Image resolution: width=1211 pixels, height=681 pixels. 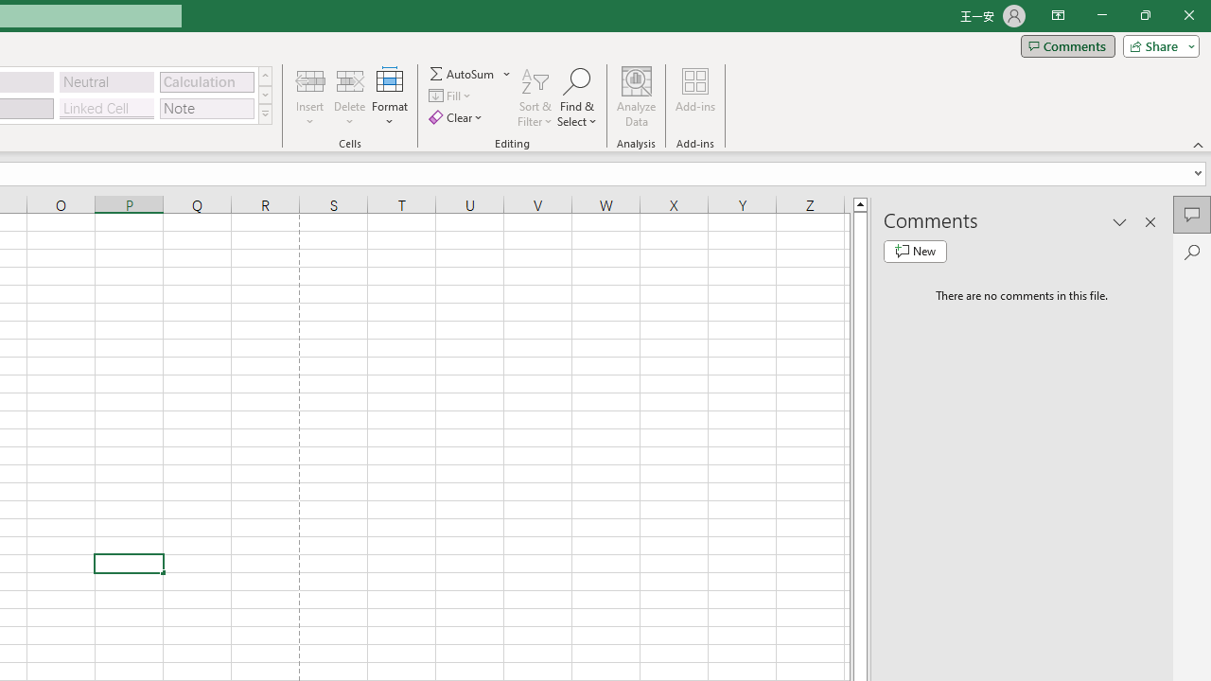 I want to click on 'Sum', so click(x=463, y=73).